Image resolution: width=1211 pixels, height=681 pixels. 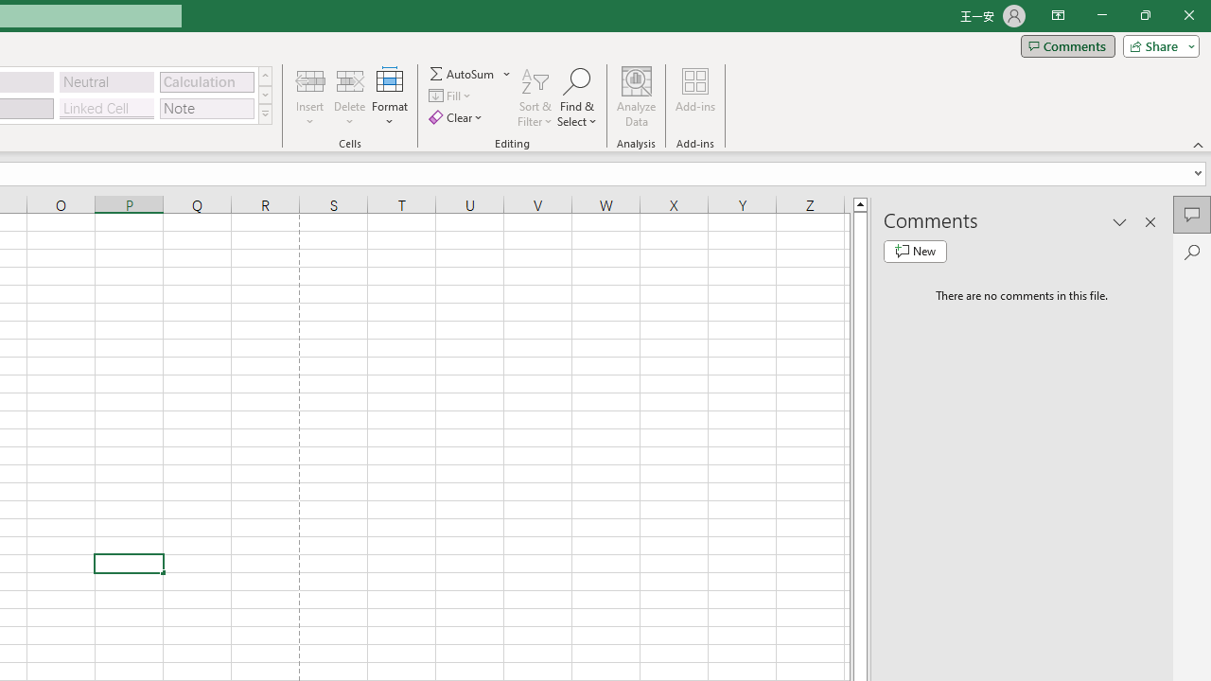 I want to click on 'Sum', so click(x=463, y=73).